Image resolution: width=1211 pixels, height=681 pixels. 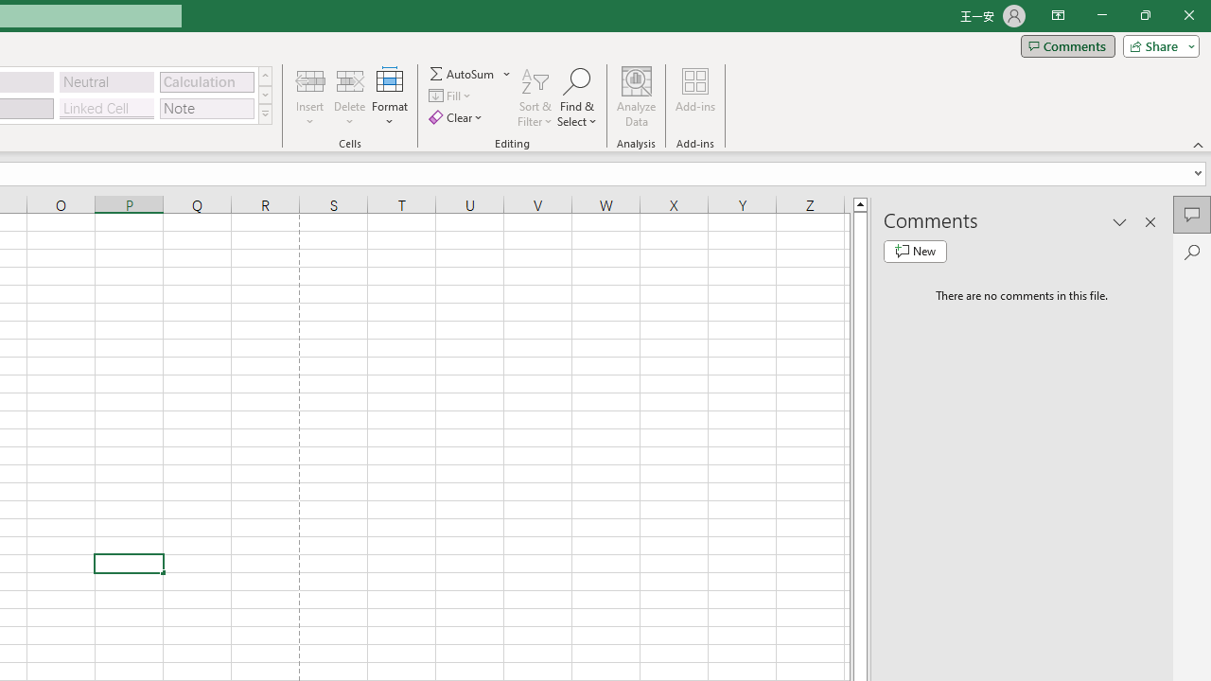 I want to click on 'Sum', so click(x=463, y=73).